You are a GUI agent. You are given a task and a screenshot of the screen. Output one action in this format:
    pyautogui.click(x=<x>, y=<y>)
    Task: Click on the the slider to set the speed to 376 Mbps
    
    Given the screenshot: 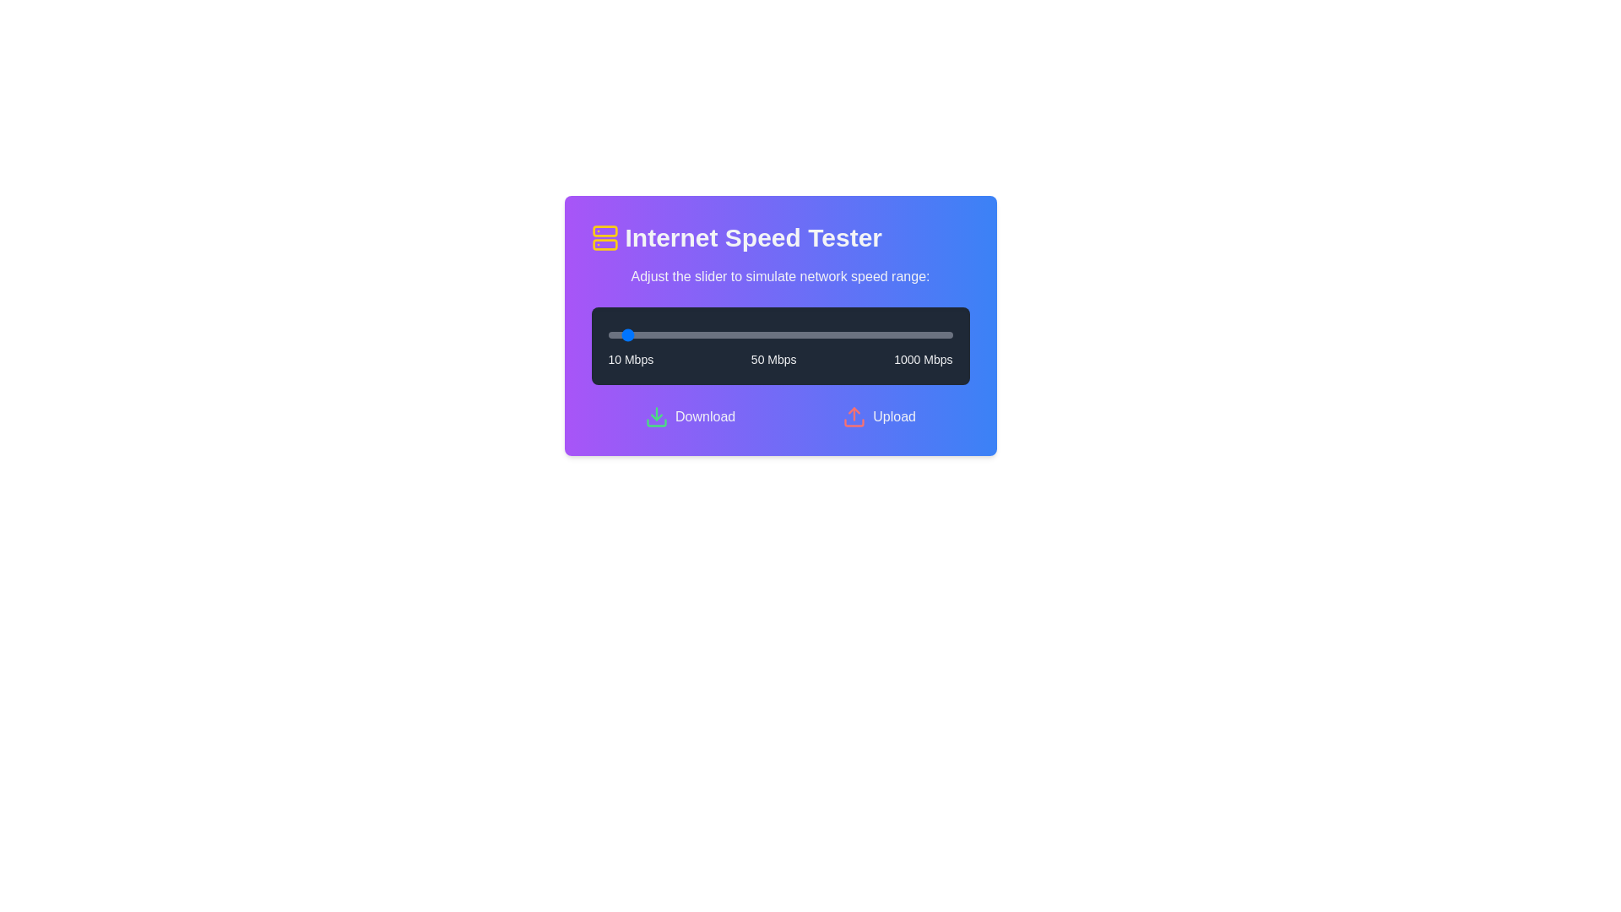 What is the action you would take?
    pyautogui.click(x=735, y=335)
    